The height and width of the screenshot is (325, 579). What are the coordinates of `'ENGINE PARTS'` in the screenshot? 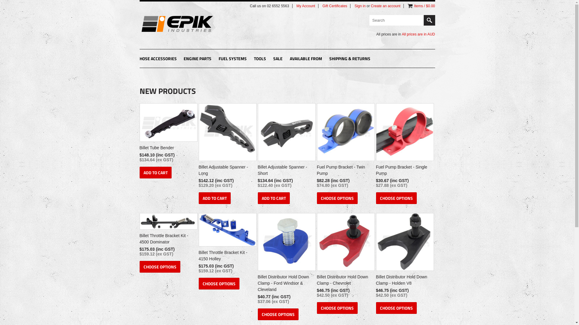 It's located at (197, 59).